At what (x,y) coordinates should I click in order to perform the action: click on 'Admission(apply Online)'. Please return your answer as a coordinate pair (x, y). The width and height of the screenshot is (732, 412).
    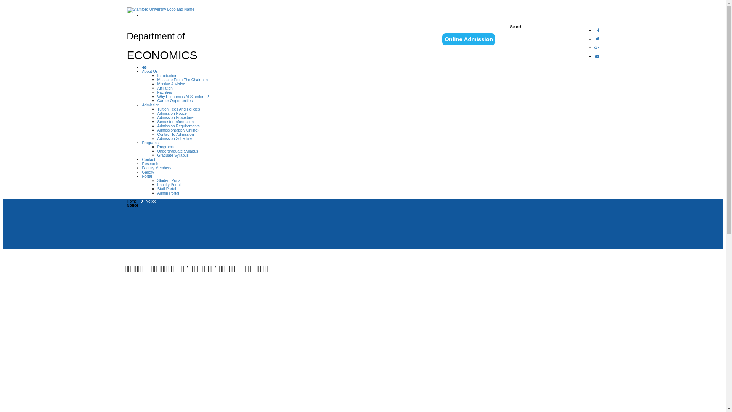
    Looking at the image, I should click on (157, 130).